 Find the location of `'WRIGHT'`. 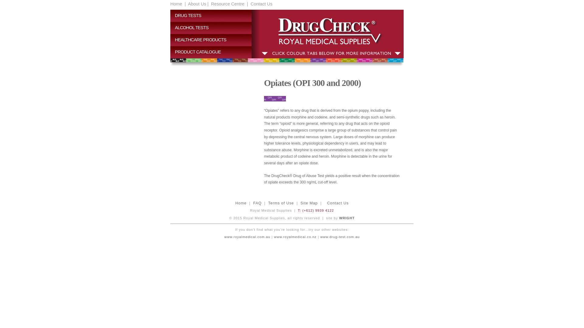

'WRIGHT' is located at coordinates (347, 217).